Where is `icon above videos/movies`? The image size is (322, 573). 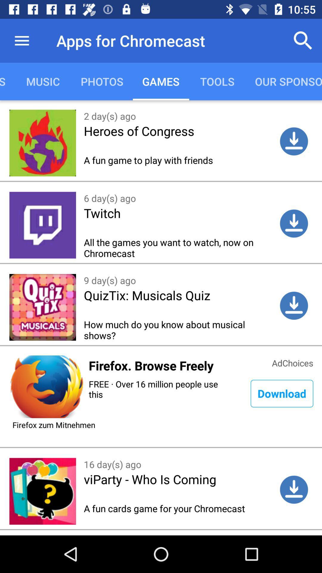
icon above videos/movies is located at coordinates (21, 40).